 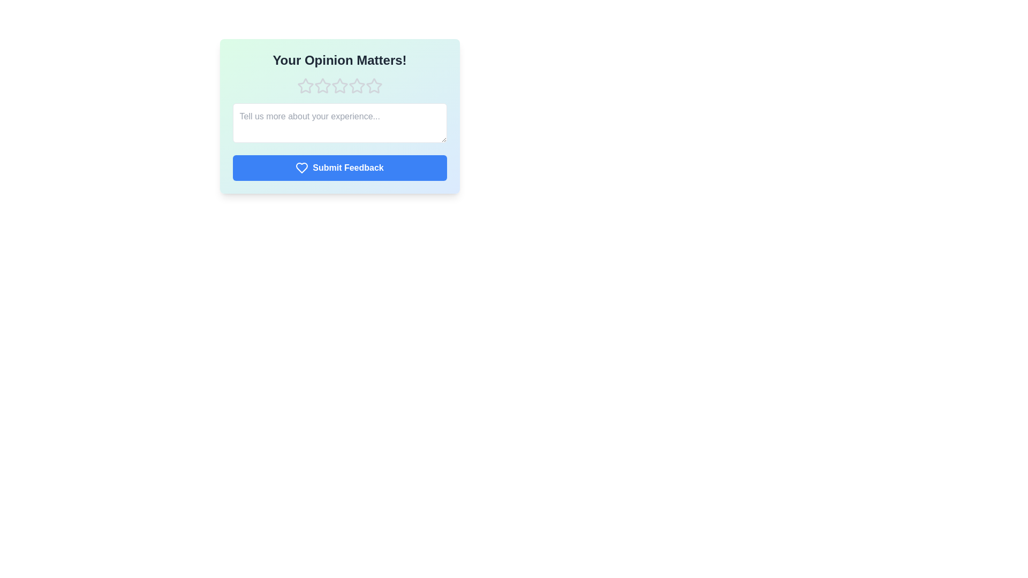 What do you see at coordinates (339, 85) in the screenshot?
I see `the second rating star icon` at bounding box center [339, 85].